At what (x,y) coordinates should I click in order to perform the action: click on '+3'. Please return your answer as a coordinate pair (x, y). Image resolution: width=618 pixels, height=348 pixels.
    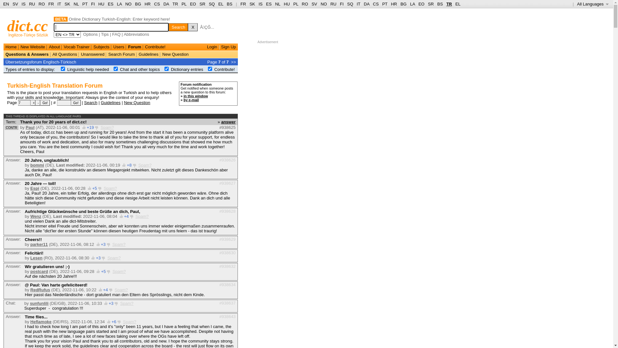
    Looking at the image, I should click on (103, 244).